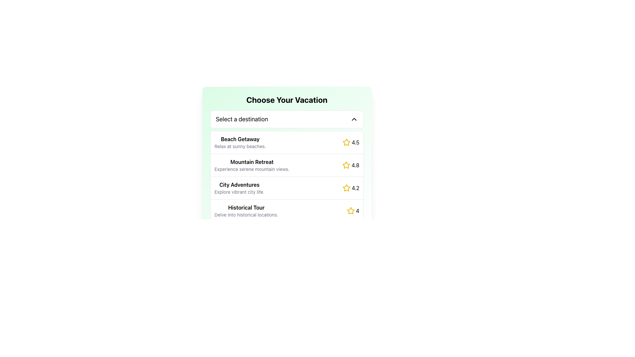 Image resolution: width=635 pixels, height=357 pixels. I want to click on the second text label in the vertical list of vacation destinations that serves as a title for the associated descriptive and rating information, so click(251, 162).